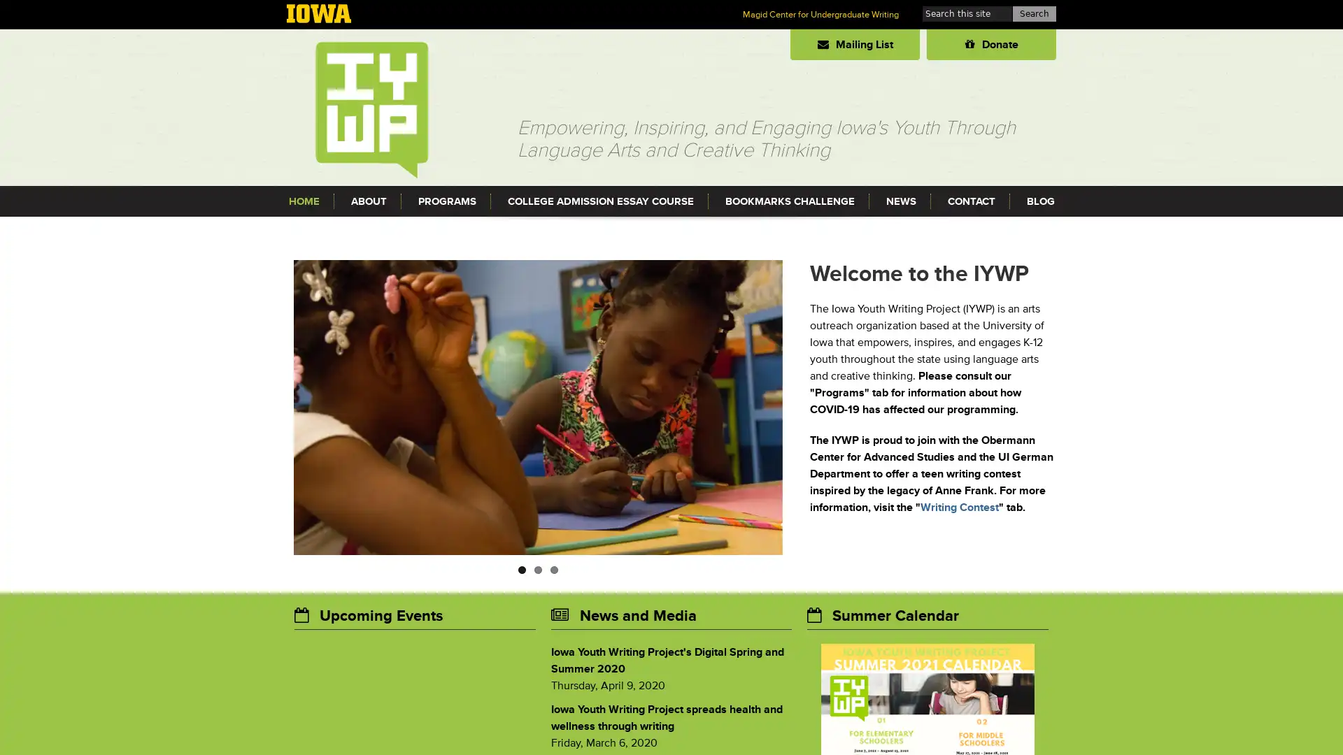 The width and height of the screenshot is (1343, 755). I want to click on Search, so click(1034, 13).